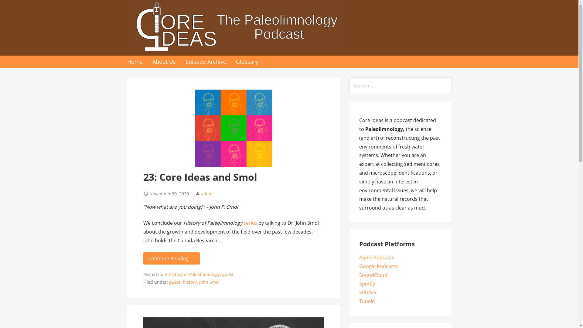 This screenshot has height=328, width=583. I want to click on 'About Us', so click(164, 62).